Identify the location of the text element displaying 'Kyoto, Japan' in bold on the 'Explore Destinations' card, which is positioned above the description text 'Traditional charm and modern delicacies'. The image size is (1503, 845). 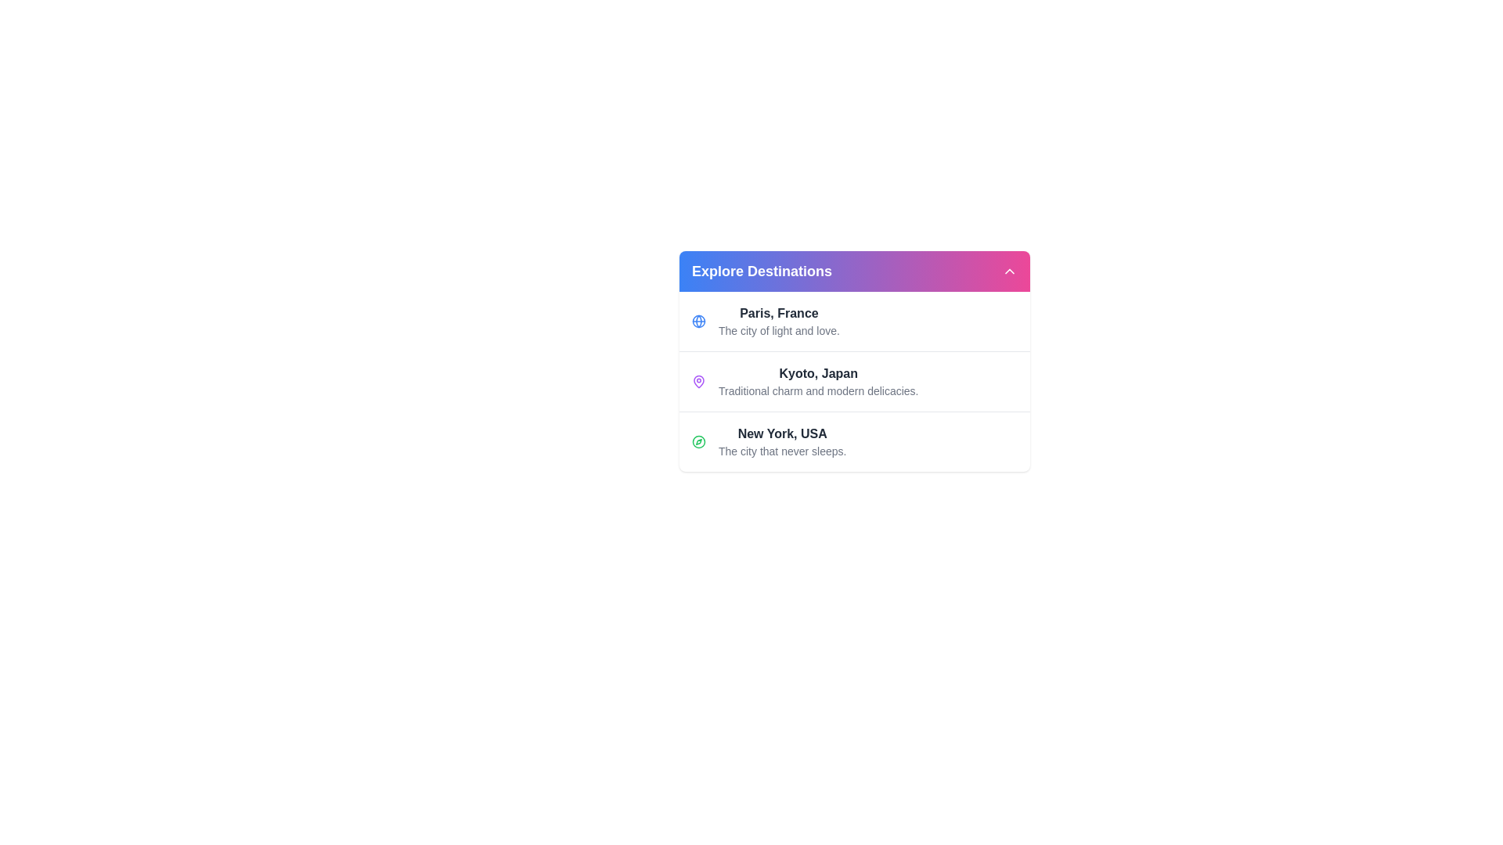
(817, 374).